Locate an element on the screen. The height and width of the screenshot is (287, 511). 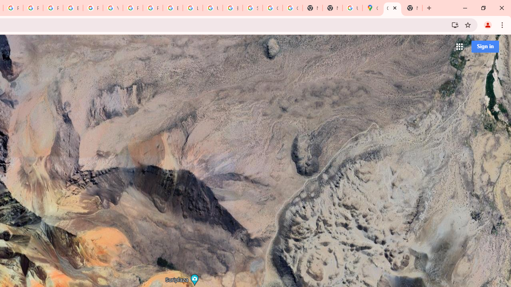
'Use Google Maps in Space - Google Maps Help' is located at coordinates (352, 8).